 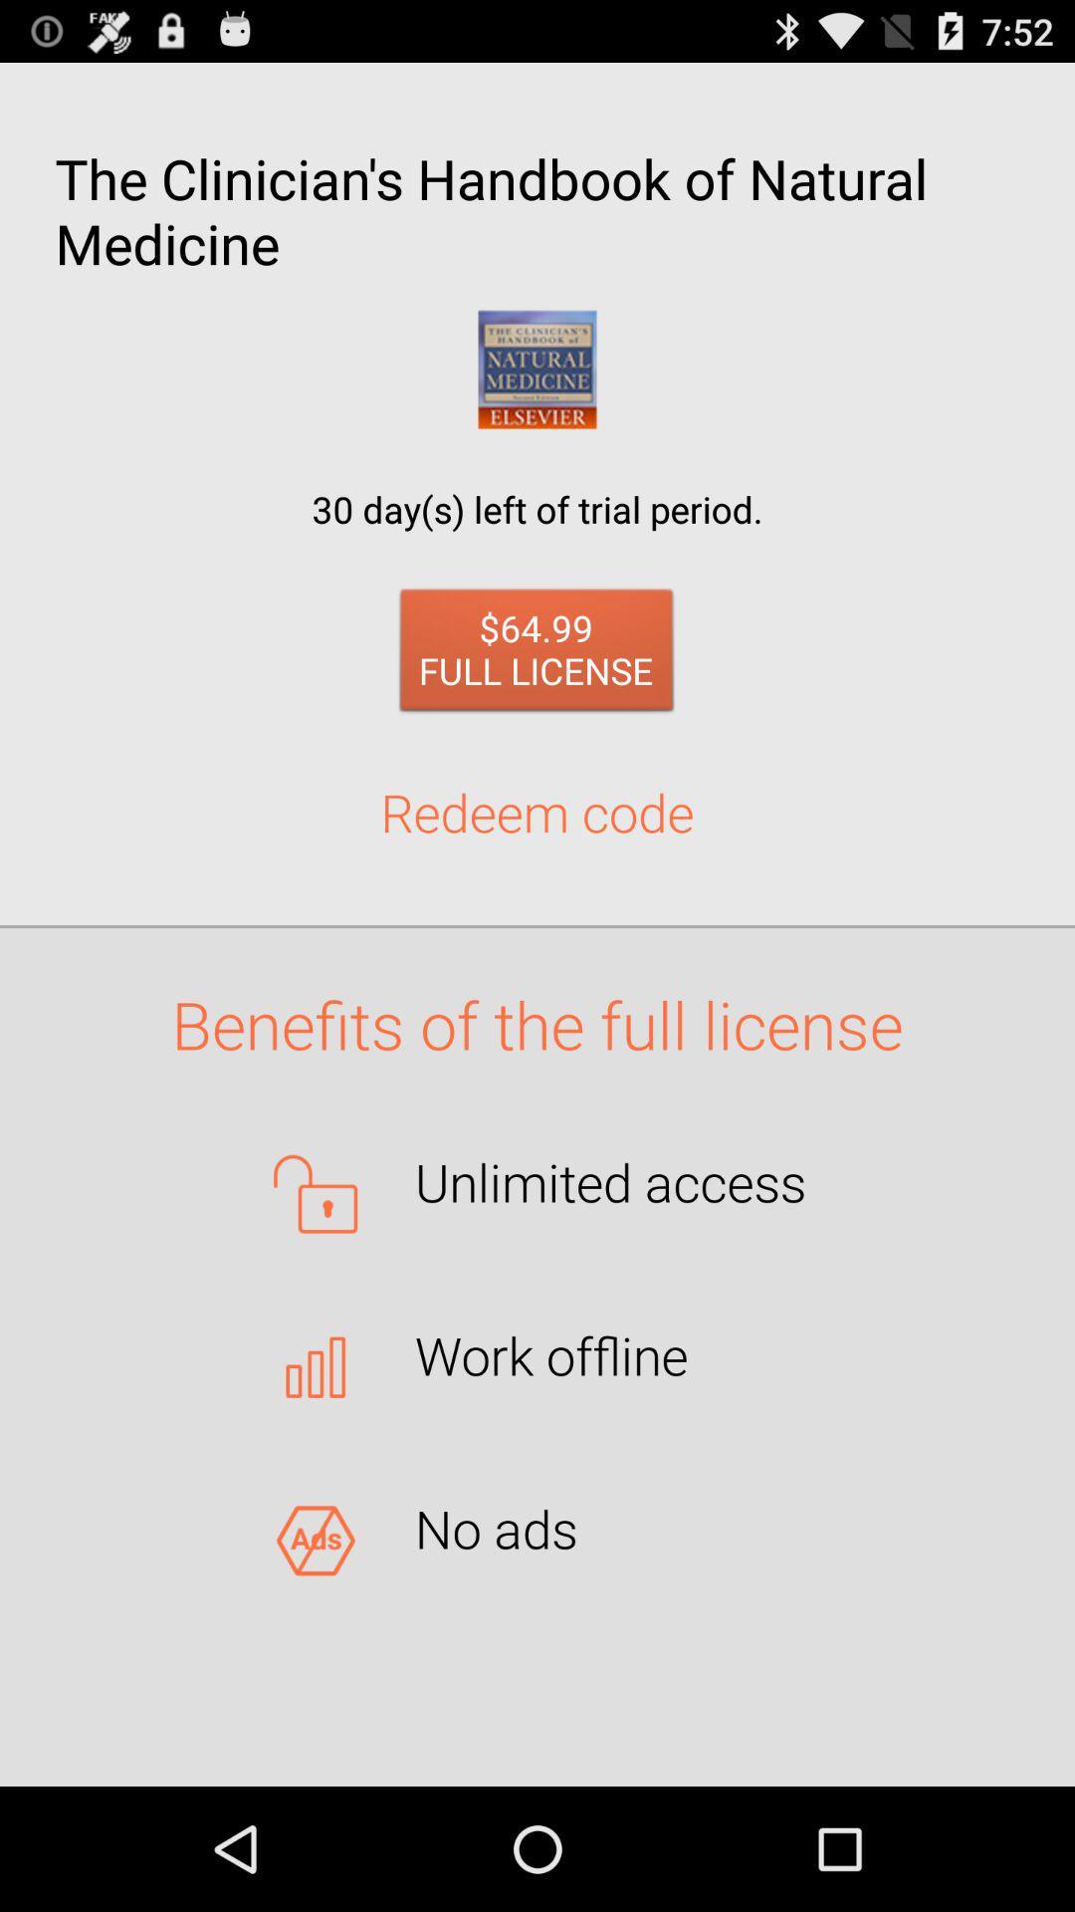 I want to click on redeem code, so click(x=537, y=812).